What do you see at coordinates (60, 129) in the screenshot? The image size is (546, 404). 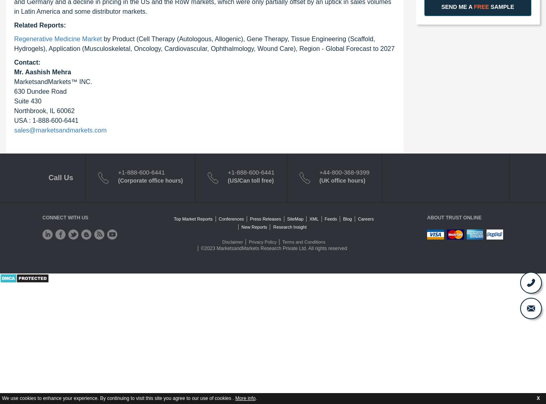 I see `'sales@marketsandmarkets.com'` at bounding box center [60, 129].